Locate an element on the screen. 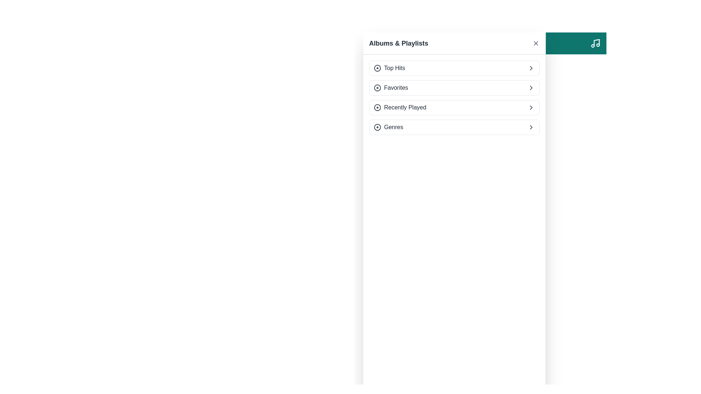 The width and height of the screenshot is (701, 394). the rightmost icon in the 'Recently Played' list item of the 'Albums & Playlists' menu is located at coordinates (531, 107).